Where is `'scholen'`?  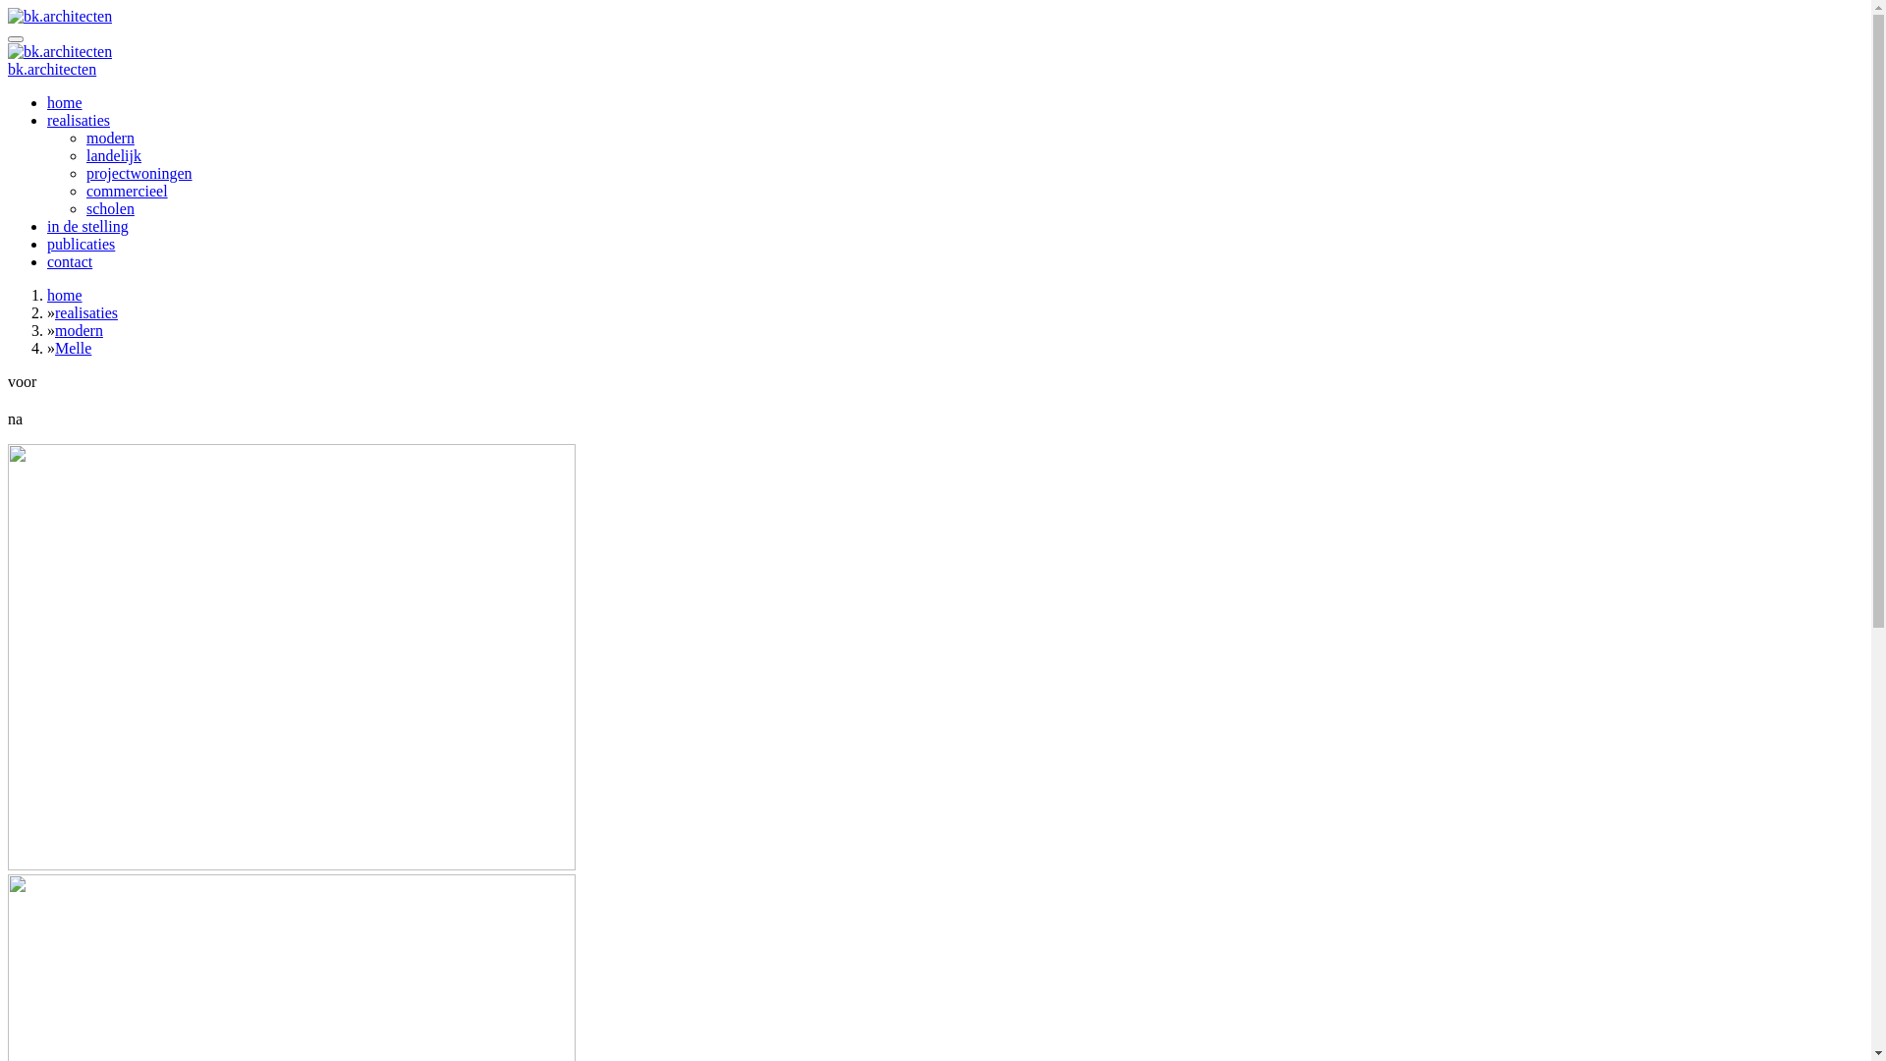
'scholen' is located at coordinates (84, 208).